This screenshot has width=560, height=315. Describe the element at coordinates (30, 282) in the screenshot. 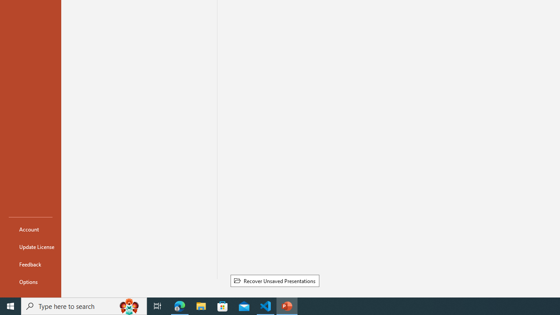

I see `'Options'` at that location.